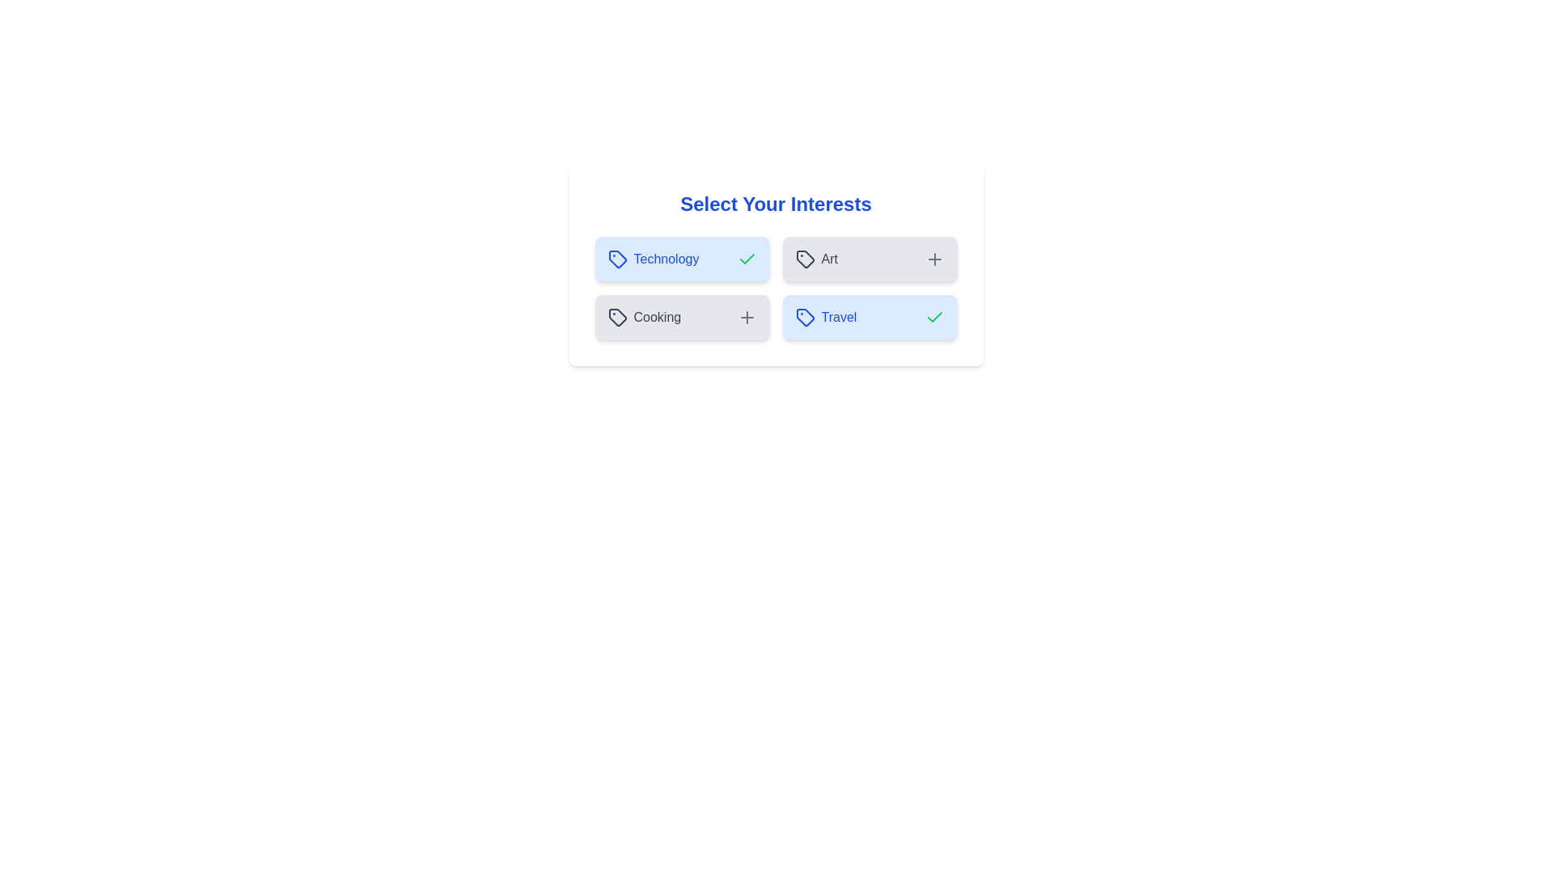 Image resolution: width=1553 pixels, height=873 pixels. I want to click on the button labeled Technology to see the hover effect, so click(682, 258).